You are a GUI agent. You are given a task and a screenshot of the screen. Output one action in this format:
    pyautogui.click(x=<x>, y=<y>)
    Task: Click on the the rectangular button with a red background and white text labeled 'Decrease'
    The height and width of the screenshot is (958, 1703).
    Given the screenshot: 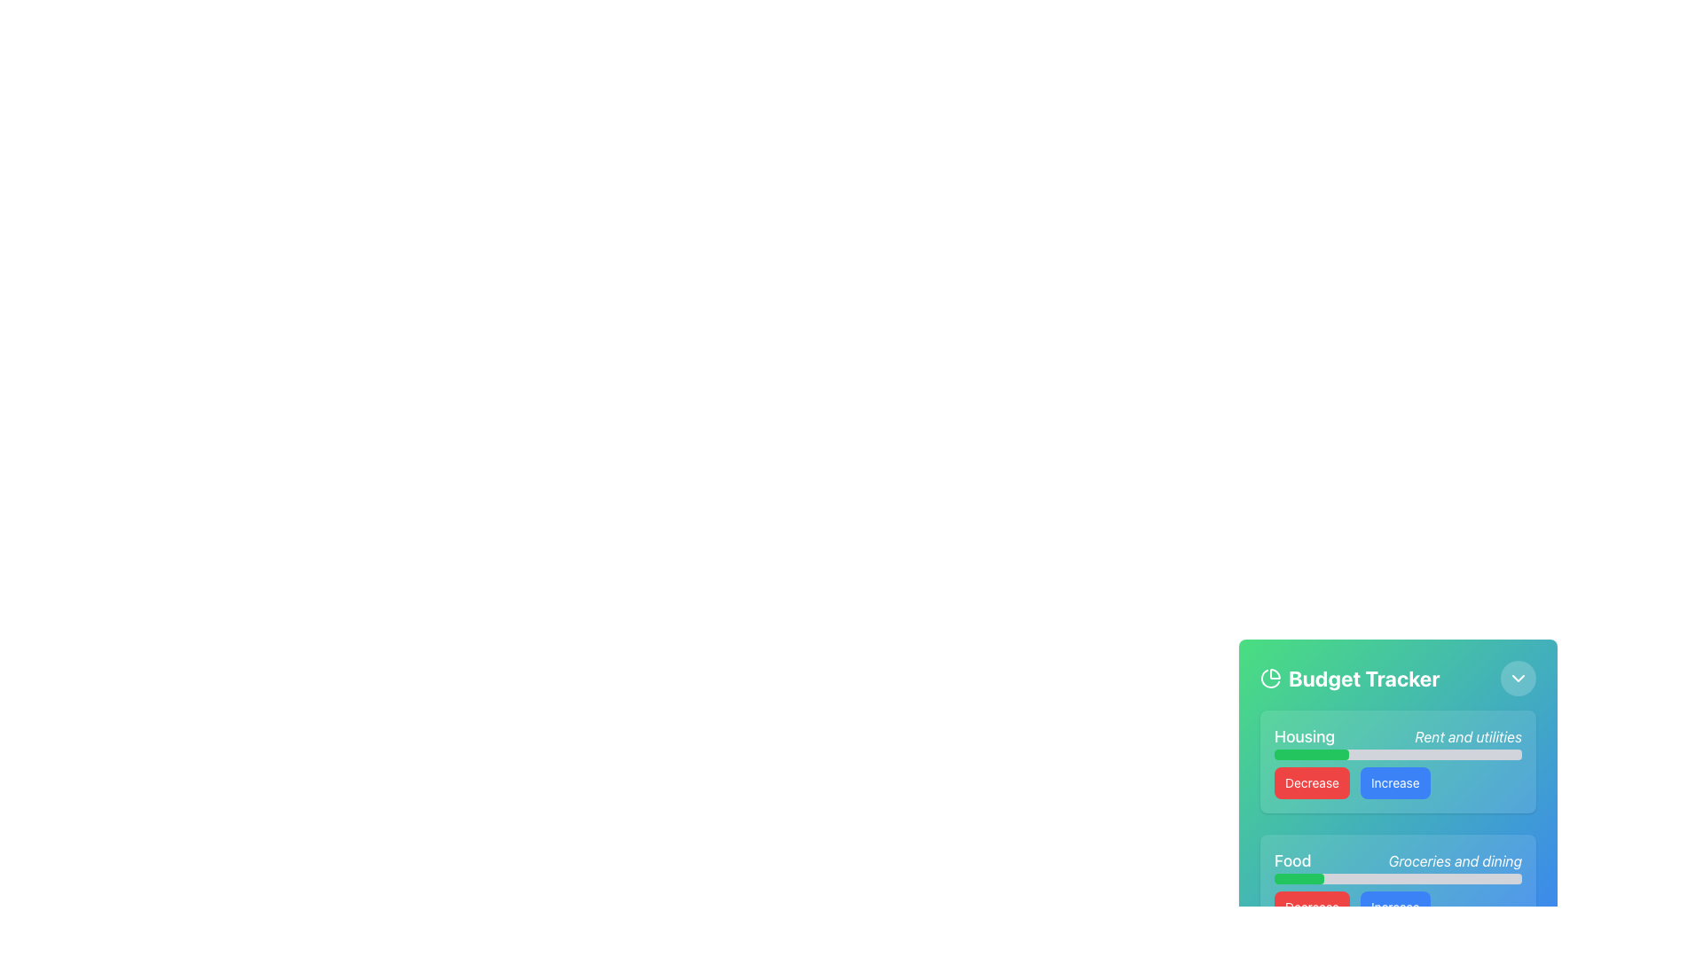 What is the action you would take?
    pyautogui.click(x=1312, y=907)
    